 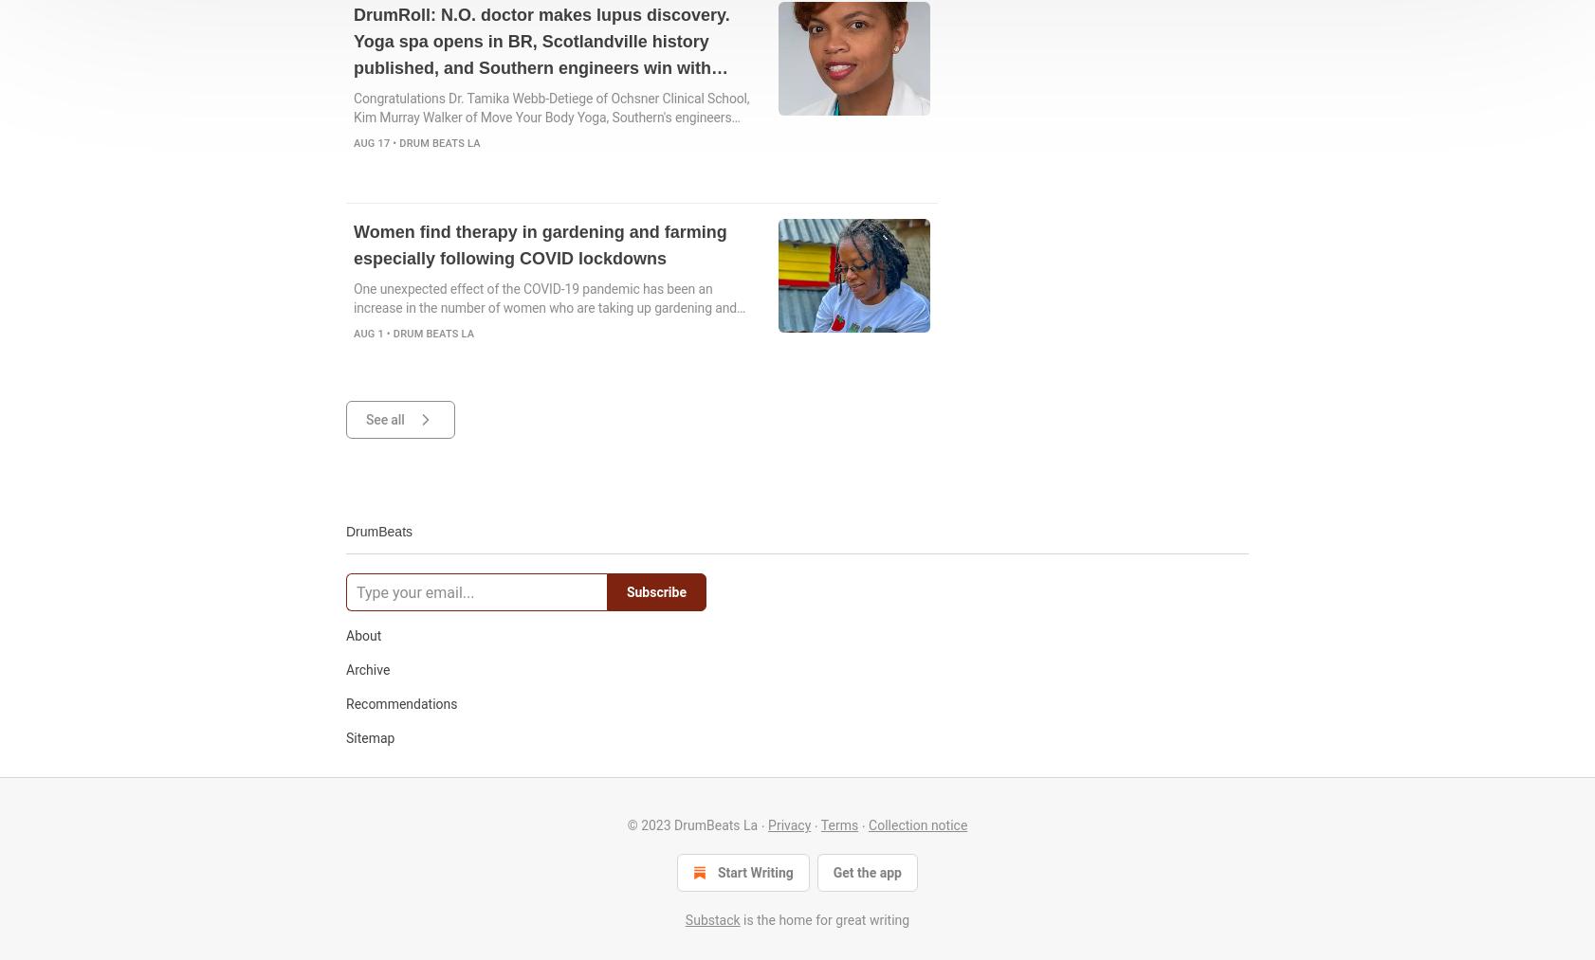 I want to click on 'Aug 1', so click(x=367, y=334).